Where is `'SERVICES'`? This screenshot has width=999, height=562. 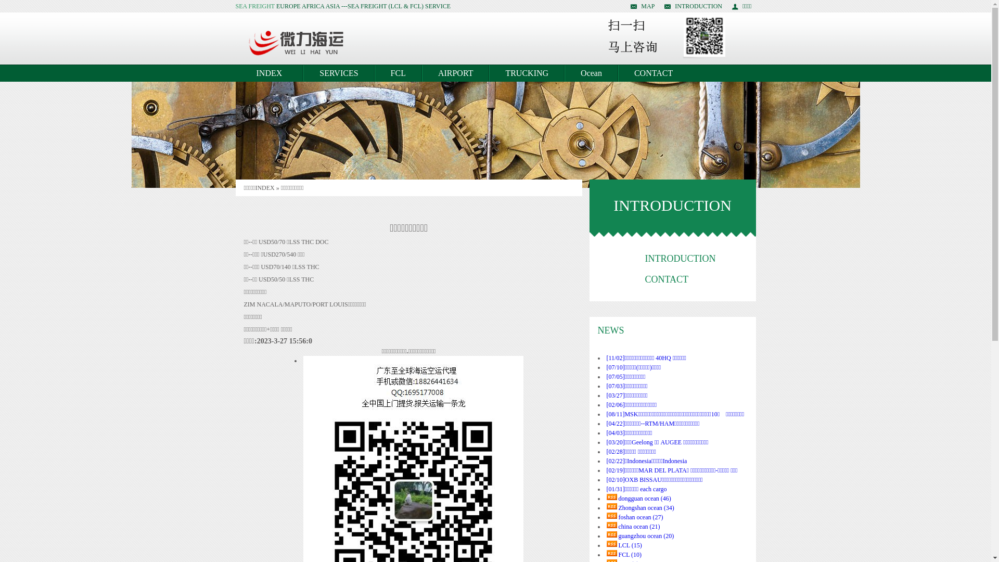
'SERVICES' is located at coordinates (302, 73).